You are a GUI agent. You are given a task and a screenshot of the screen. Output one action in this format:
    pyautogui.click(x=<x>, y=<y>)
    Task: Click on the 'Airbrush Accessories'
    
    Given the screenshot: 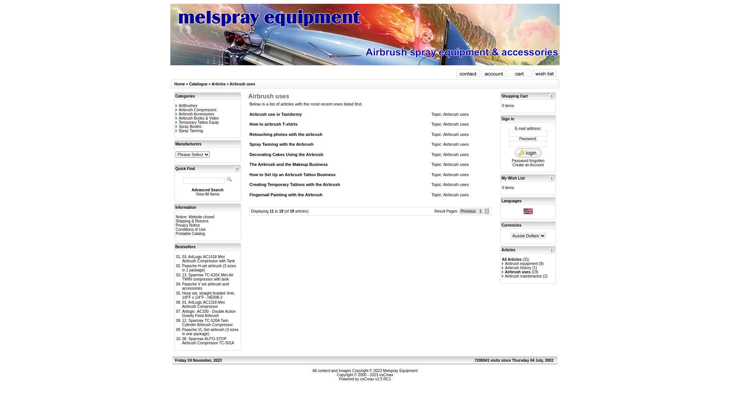 What is the action you would take?
    pyautogui.click(x=195, y=114)
    